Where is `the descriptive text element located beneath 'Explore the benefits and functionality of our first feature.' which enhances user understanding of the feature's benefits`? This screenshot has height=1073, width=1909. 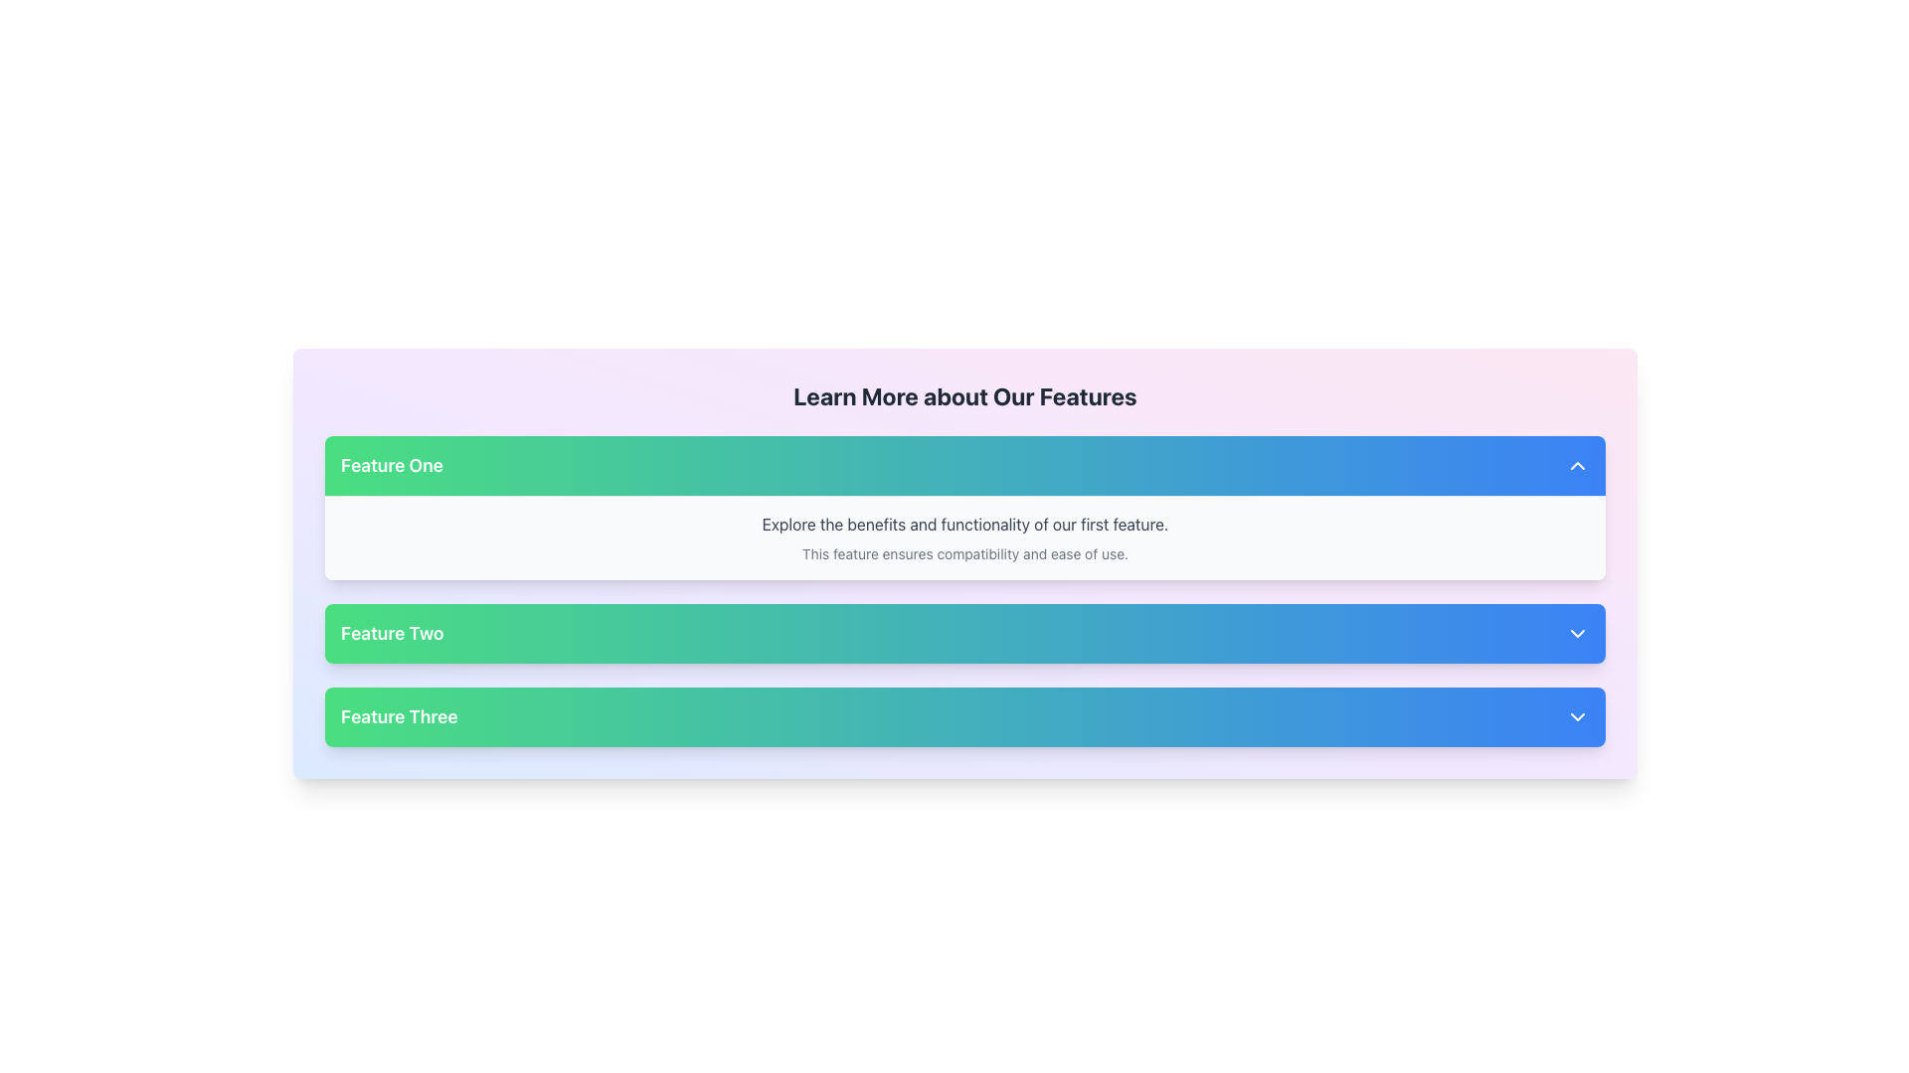
the descriptive text element located beneath 'Explore the benefits and functionality of our first feature.' which enhances user understanding of the feature's benefits is located at coordinates (964, 554).